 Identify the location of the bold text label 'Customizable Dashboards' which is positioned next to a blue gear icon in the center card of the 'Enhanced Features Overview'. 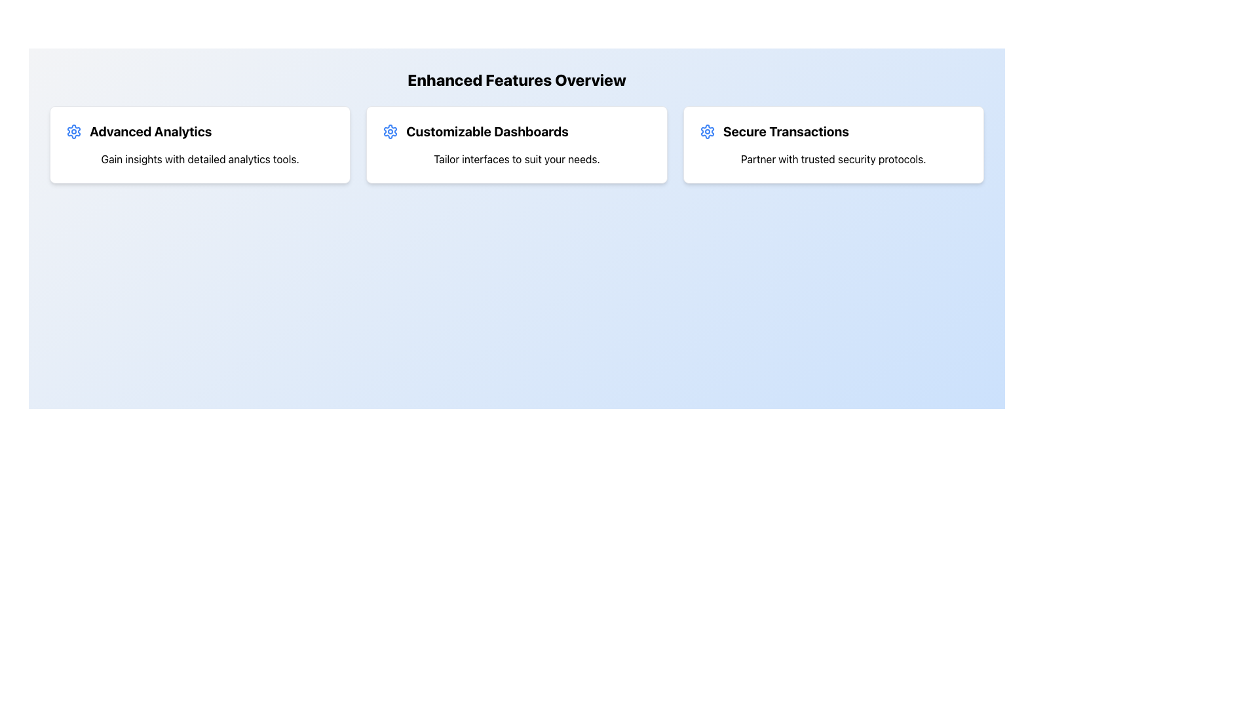
(516, 131).